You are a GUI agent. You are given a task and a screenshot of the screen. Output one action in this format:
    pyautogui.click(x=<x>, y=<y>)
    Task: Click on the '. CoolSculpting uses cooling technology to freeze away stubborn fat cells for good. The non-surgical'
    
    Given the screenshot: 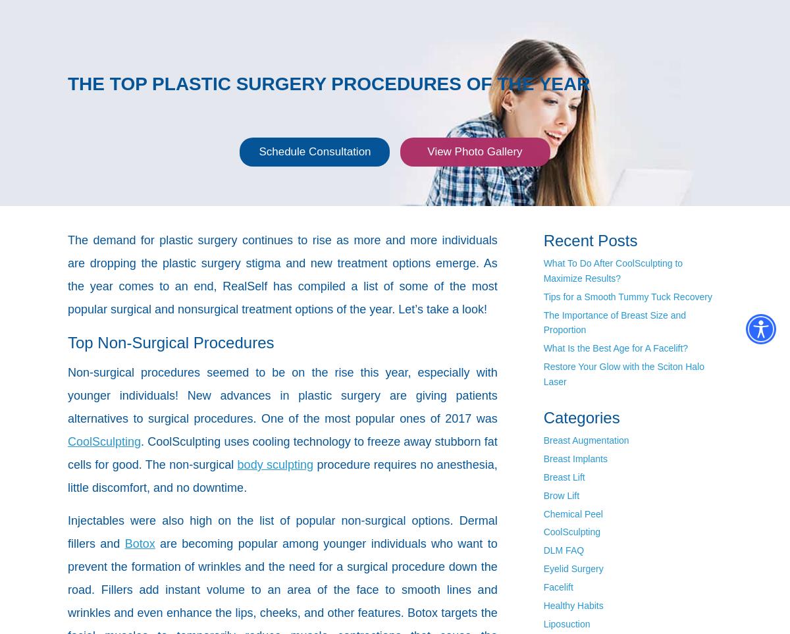 What is the action you would take?
    pyautogui.click(x=282, y=453)
    